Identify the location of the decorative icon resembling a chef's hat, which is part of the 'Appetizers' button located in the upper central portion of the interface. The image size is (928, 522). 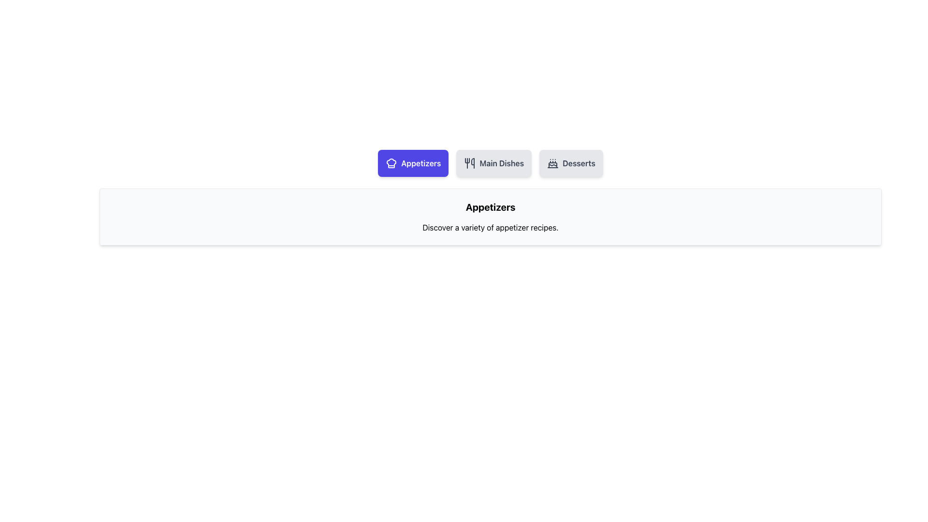
(391, 163).